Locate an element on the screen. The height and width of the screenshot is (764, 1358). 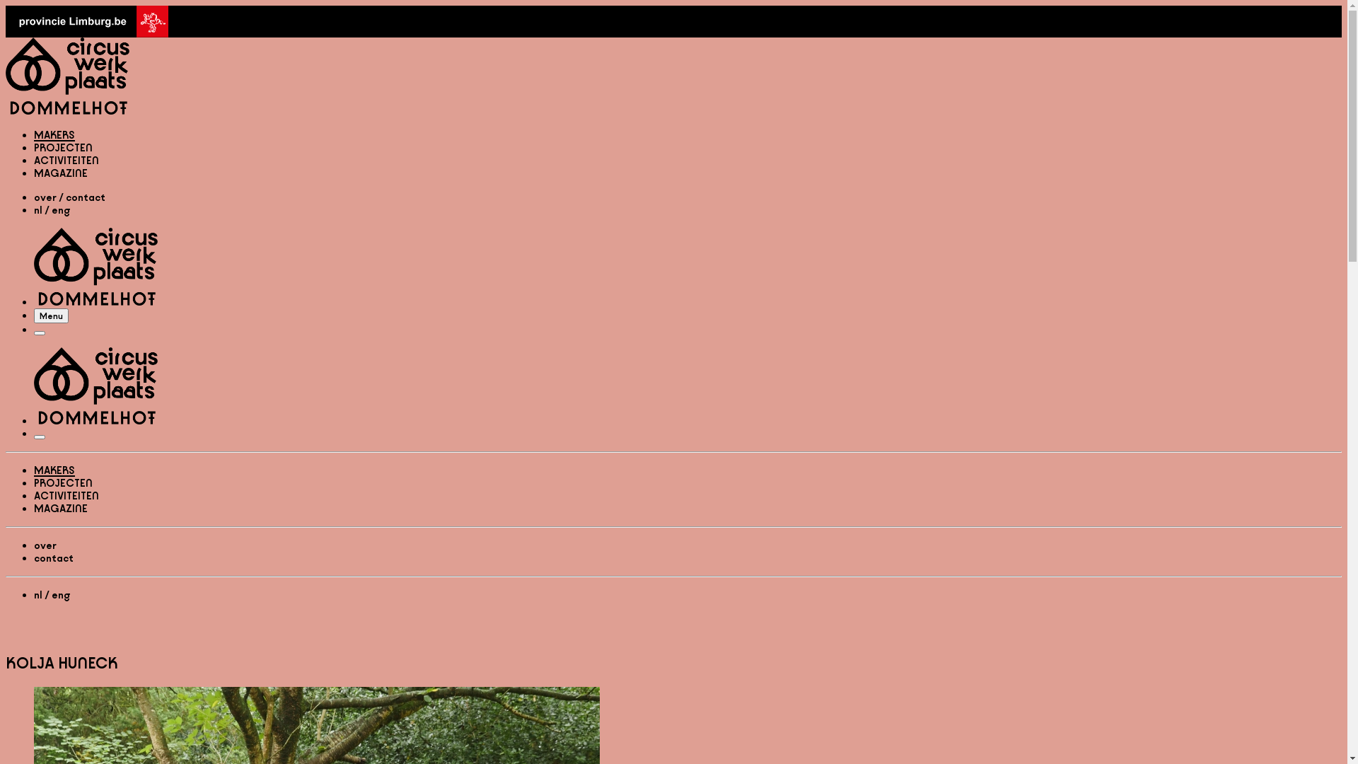
'MAKERS' is located at coordinates (34, 470).